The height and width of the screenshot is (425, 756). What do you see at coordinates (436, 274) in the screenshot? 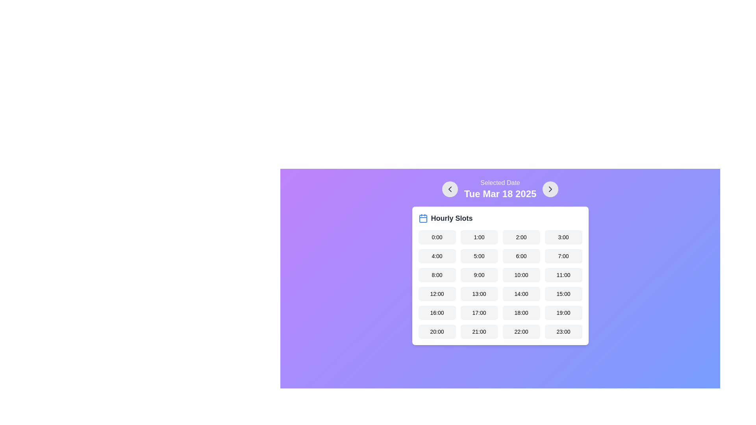
I see `the rectangular button labeled '8:00' with a gray background and rounded corners` at bounding box center [436, 274].